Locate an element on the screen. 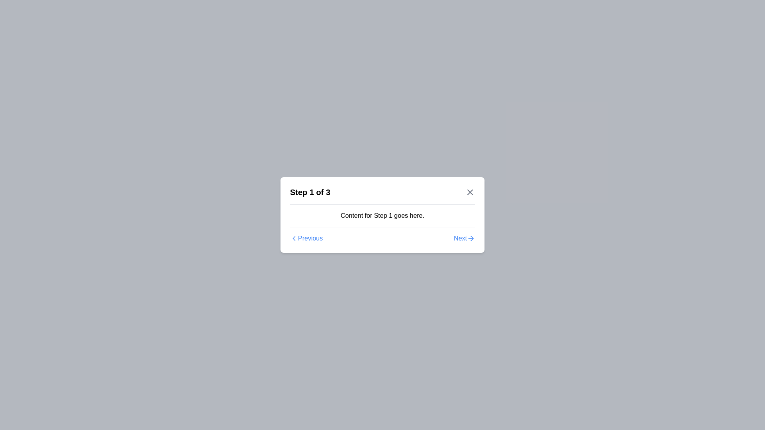  the 'Next' button with blue text and a rightwards arrow icon is located at coordinates (464, 238).